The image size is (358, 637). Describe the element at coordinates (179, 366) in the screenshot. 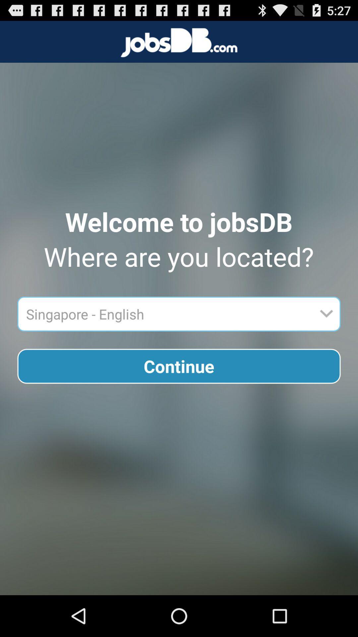

I see `the continue button` at that location.